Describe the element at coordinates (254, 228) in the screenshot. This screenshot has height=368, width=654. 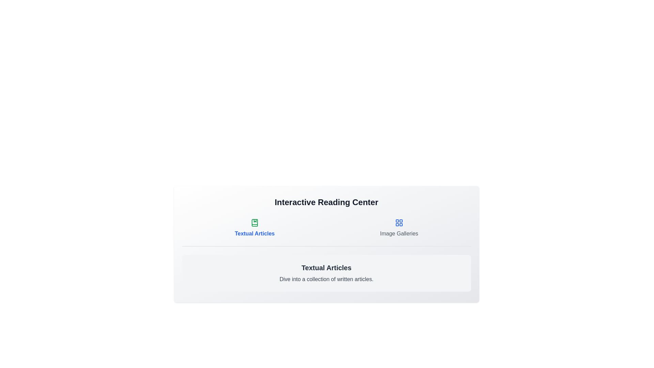
I see `the tab corresponding to Textual Articles` at that location.